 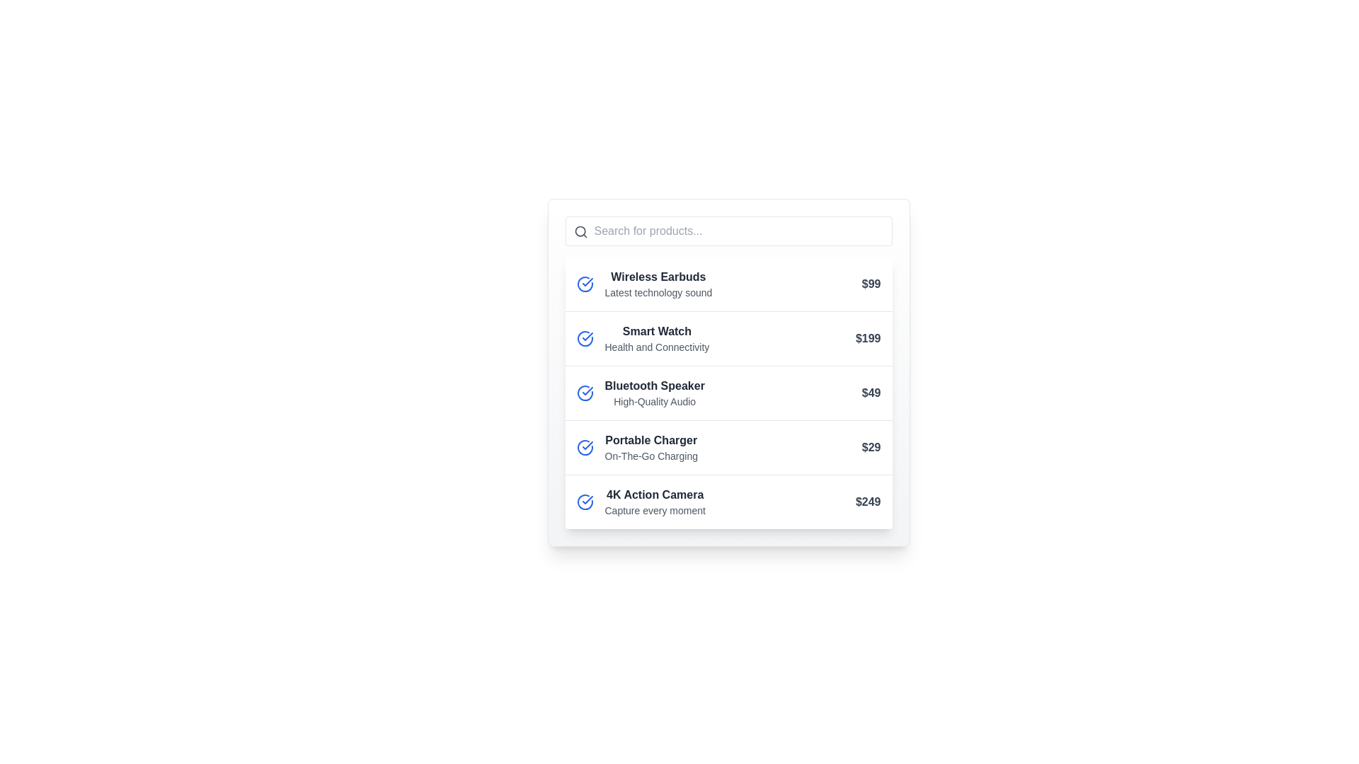 What do you see at coordinates (580, 231) in the screenshot?
I see `the gray search icon shaped like a magnifying glass, which is located in the top-left corner of the search input field` at bounding box center [580, 231].